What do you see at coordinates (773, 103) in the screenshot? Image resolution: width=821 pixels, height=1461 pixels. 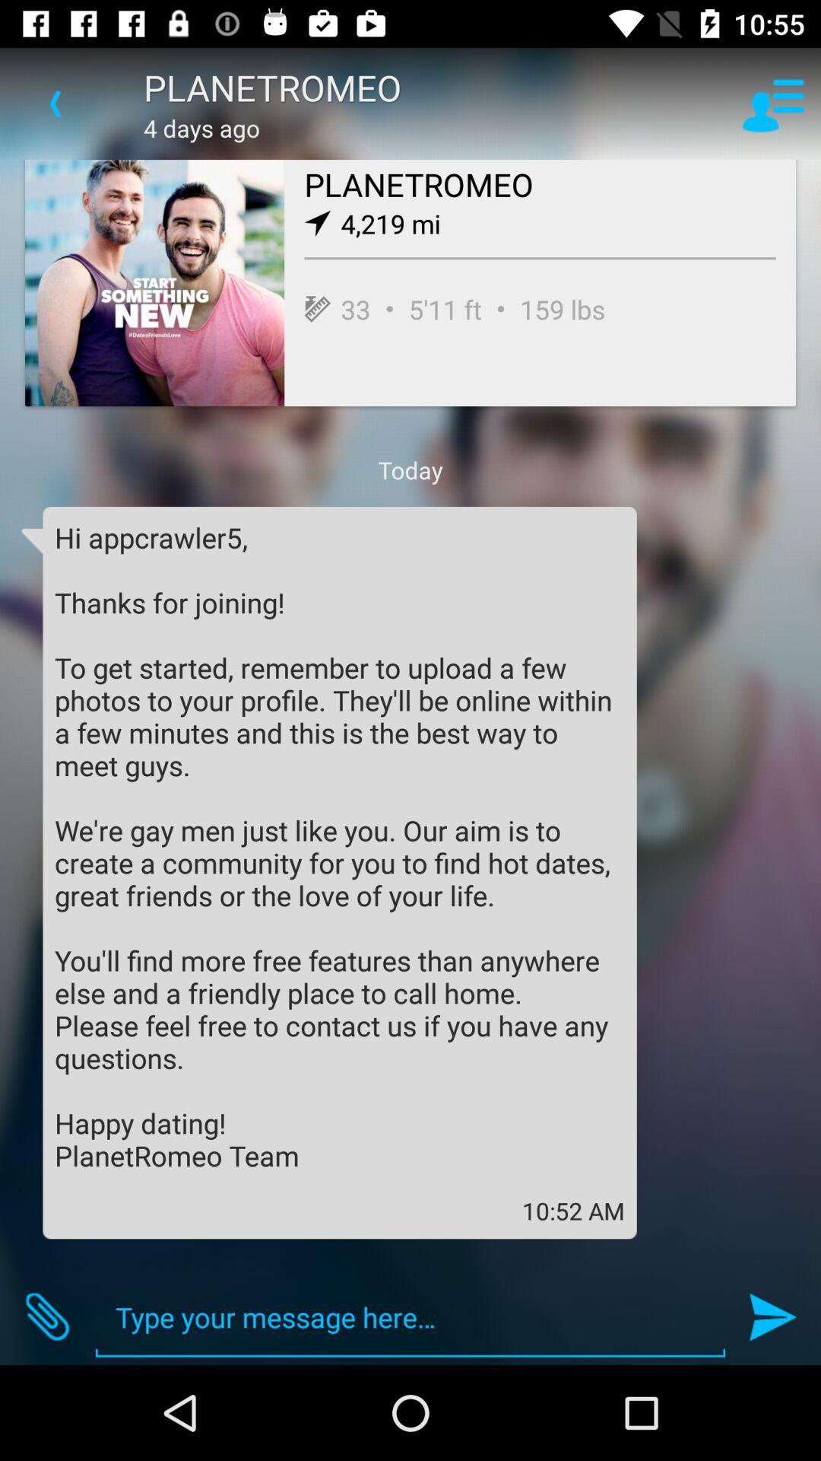 I see `the icon at the top right corner` at bounding box center [773, 103].